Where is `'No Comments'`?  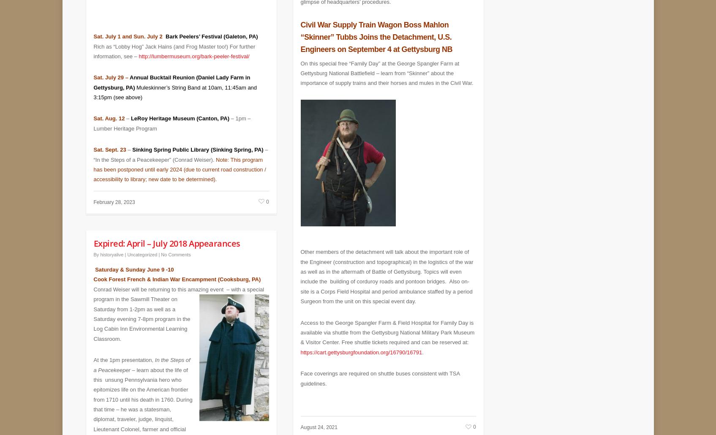
'No Comments' is located at coordinates (175, 248).